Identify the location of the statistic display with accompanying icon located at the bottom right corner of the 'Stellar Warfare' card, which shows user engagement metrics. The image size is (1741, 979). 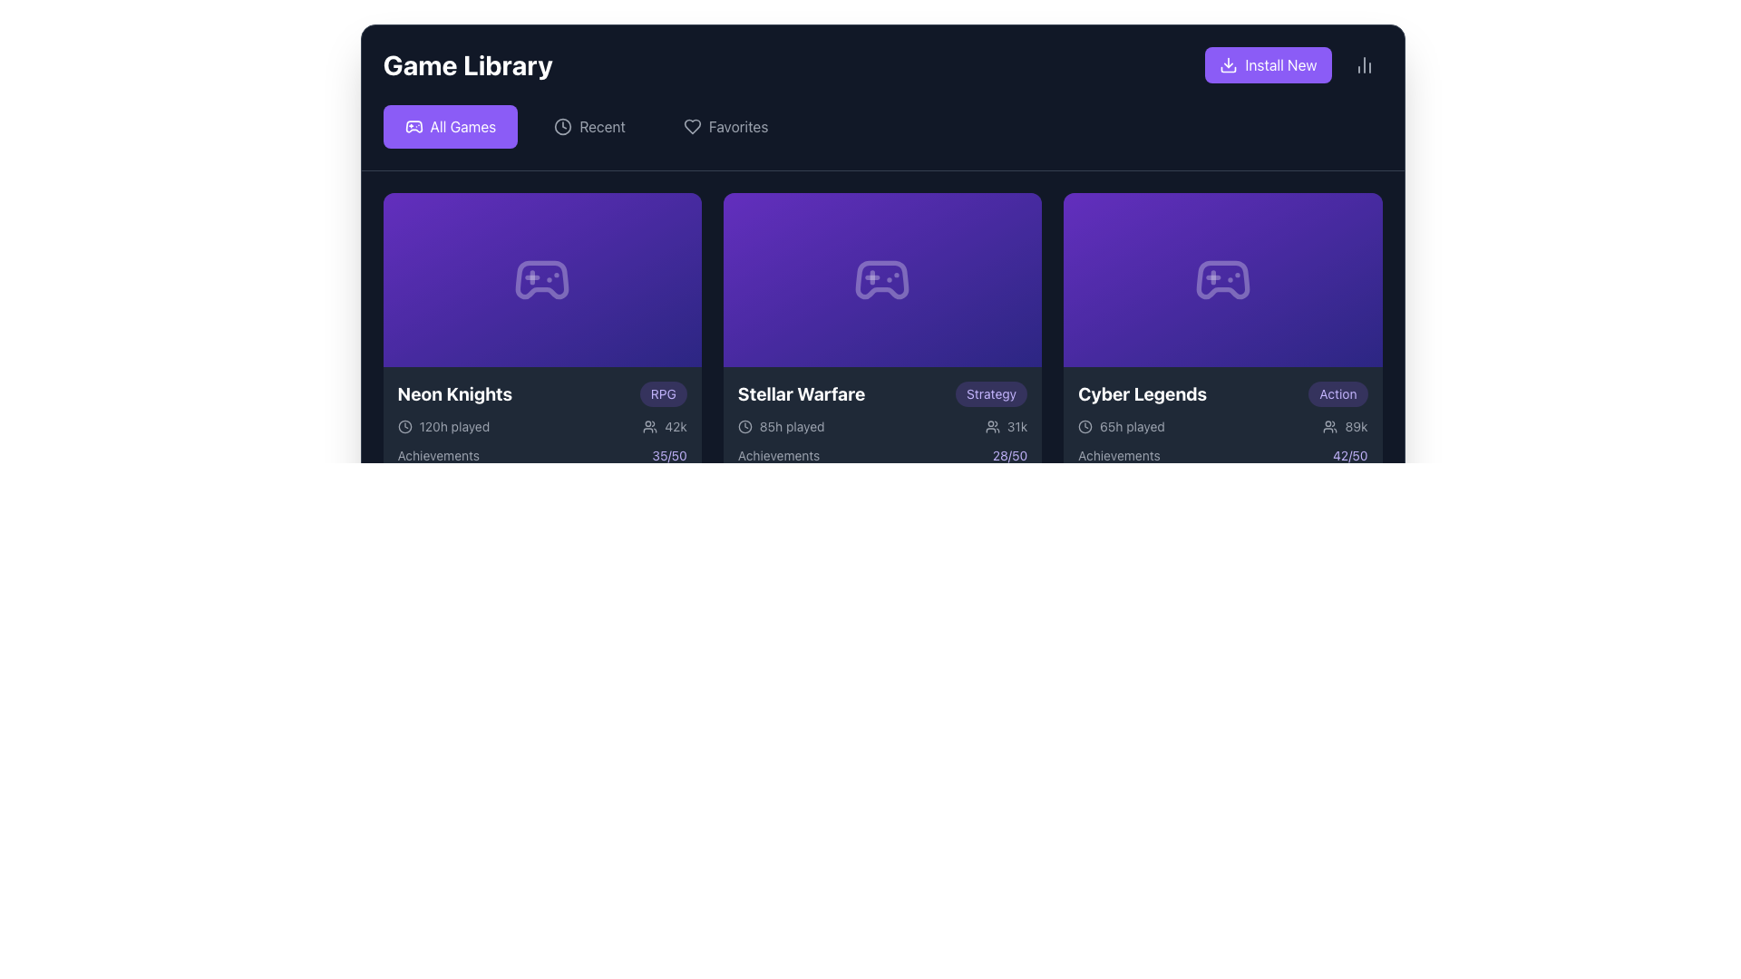
(1005, 426).